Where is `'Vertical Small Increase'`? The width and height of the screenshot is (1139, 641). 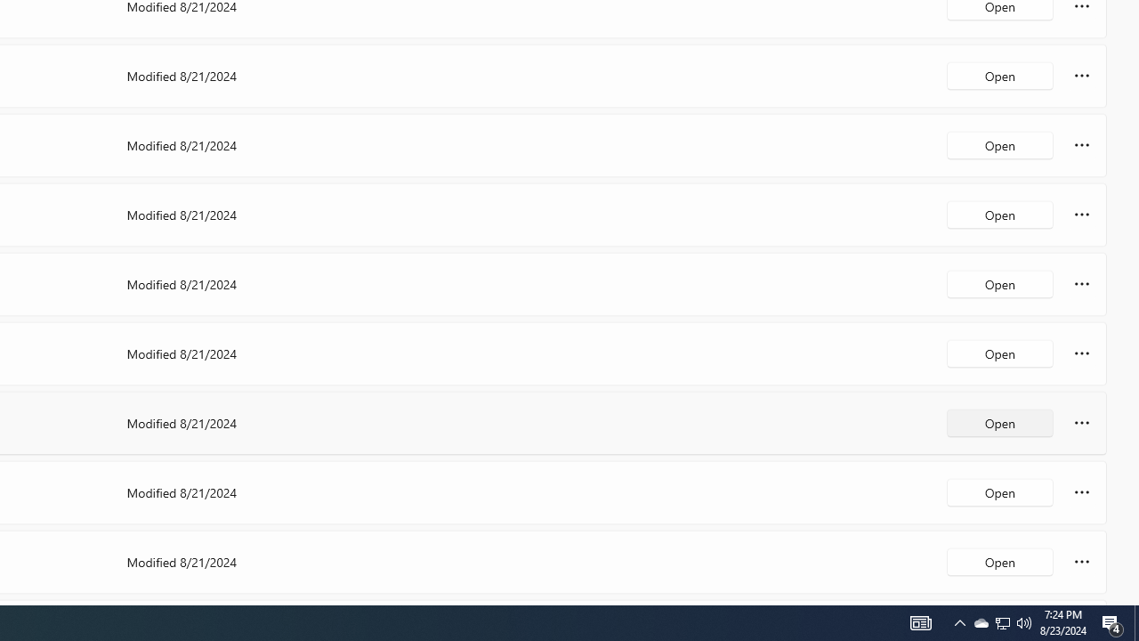
'Vertical Small Increase' is located at coordinates (1131, 598).